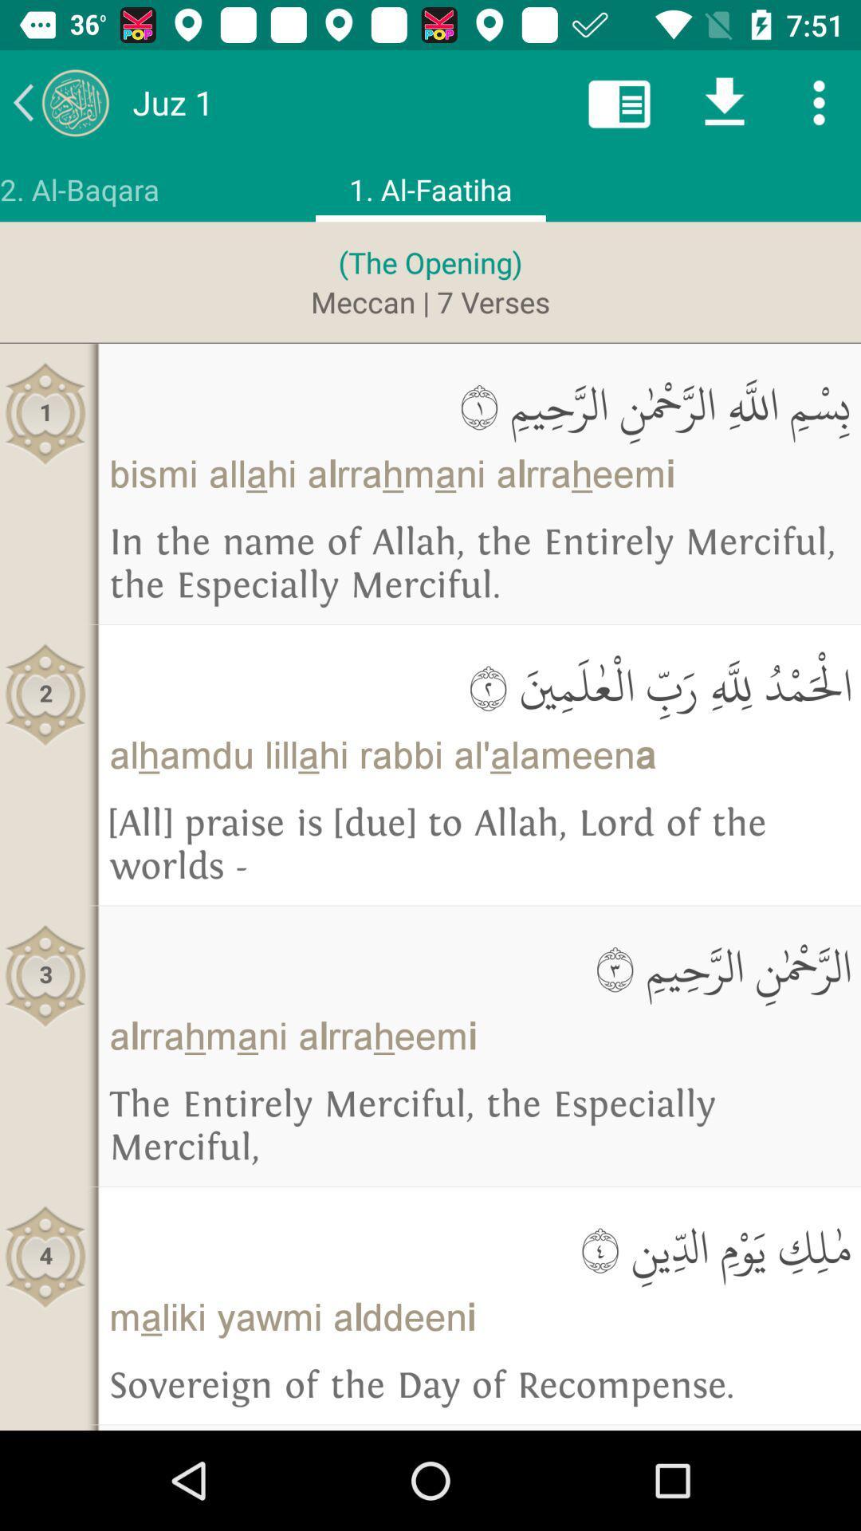 This screenshot has height=1531, width=861. Describe the element at coordinates (60, 101) in the screenshot. I see `item above 2. al-baqara app` at that location.